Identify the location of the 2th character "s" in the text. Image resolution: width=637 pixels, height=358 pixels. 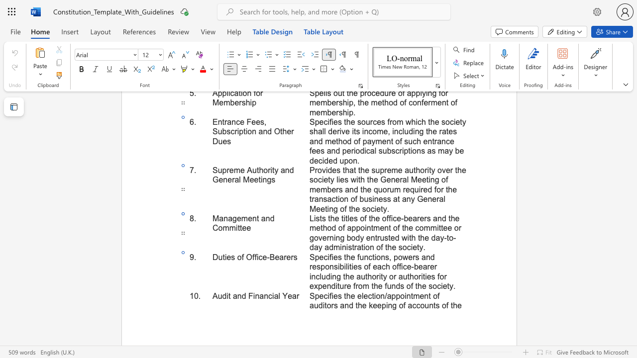
(295, 257).